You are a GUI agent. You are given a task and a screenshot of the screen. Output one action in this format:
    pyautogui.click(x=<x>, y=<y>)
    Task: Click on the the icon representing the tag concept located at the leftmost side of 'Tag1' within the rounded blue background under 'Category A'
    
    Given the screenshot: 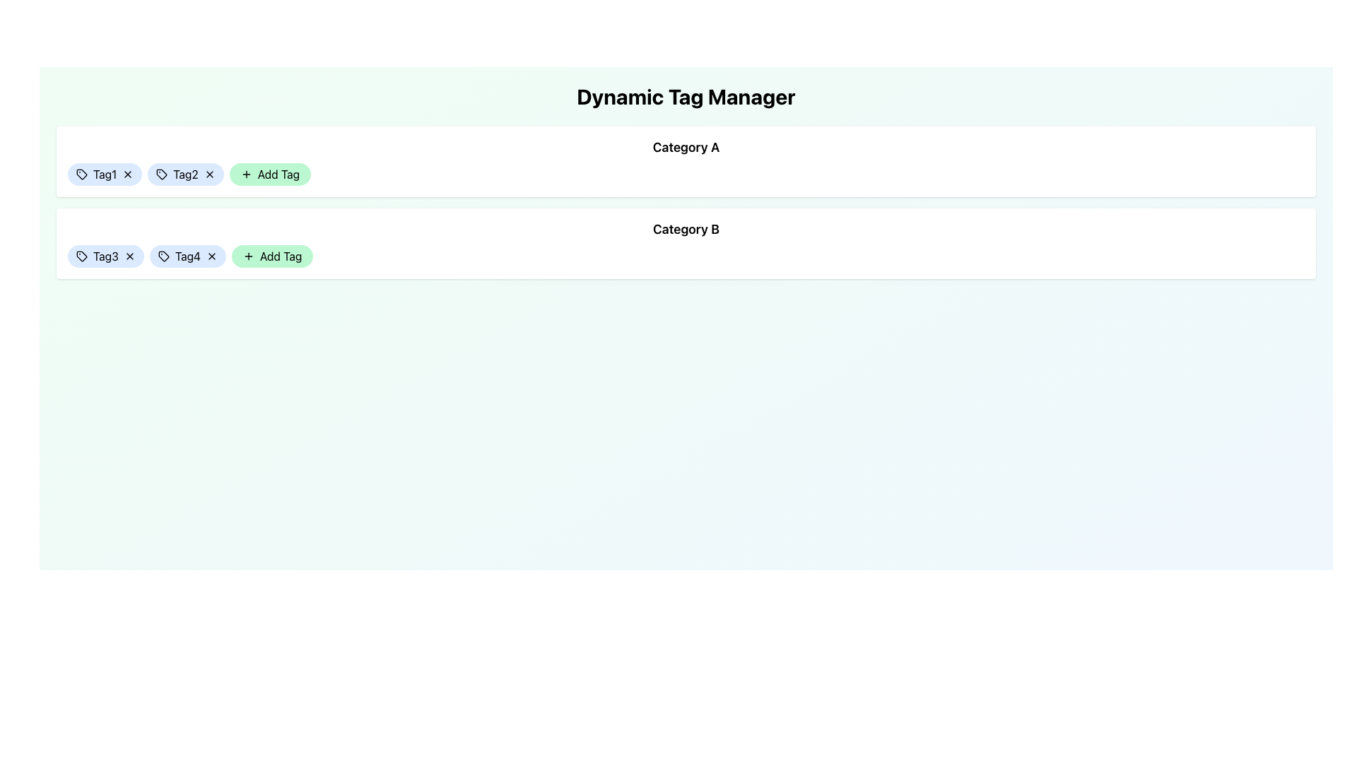 What is the action you would take?
    pyautogui.click(x=81, y=173)
    